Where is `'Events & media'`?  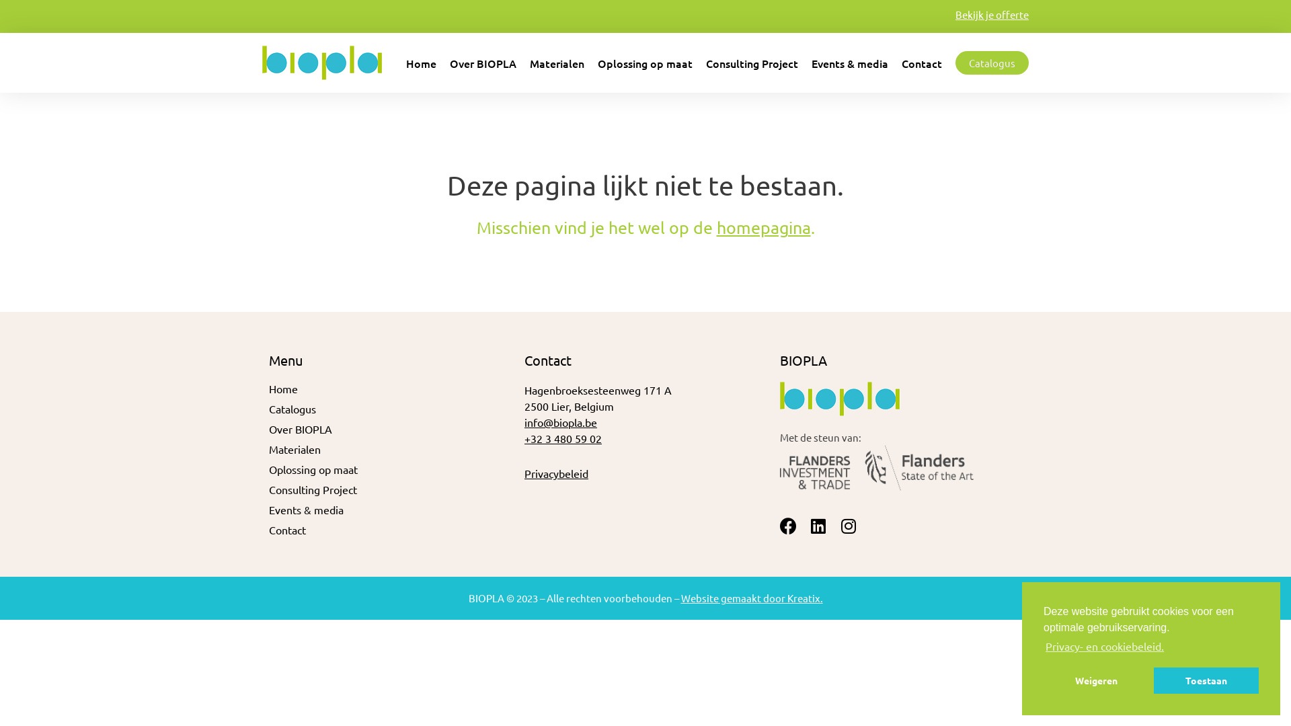
'Events & media' is located at coordinates (849, 63).